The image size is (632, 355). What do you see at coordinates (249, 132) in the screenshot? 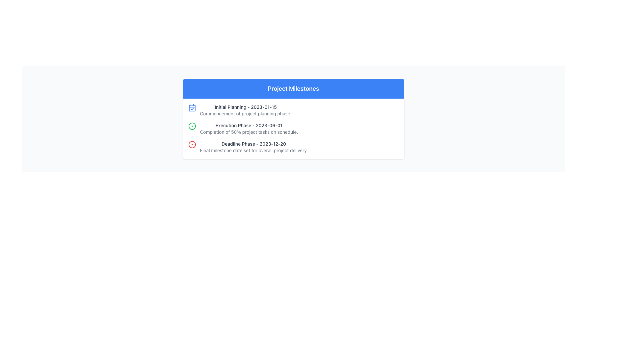
I see `the text label displaying 'Completion of 50% project tasks on schedule,' which is located under the header 'Execution Phase - 2023-06-01' within the 'Project Milestones' card` at bounding box center [249, 132].